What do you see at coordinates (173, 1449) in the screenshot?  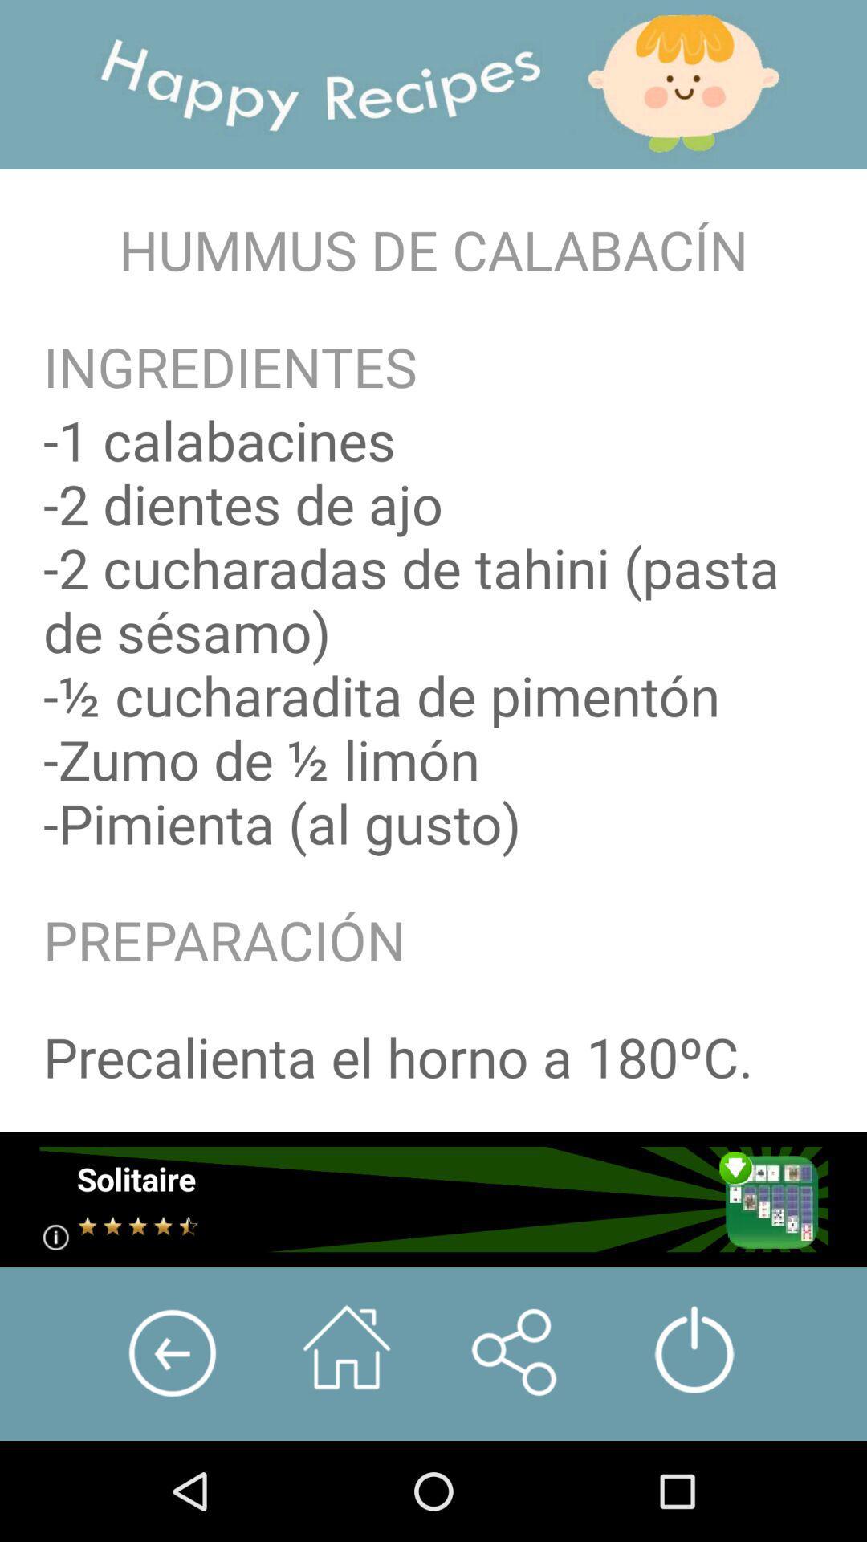 I see `the arrow_backward icon` at bounding box center [173, 1449].